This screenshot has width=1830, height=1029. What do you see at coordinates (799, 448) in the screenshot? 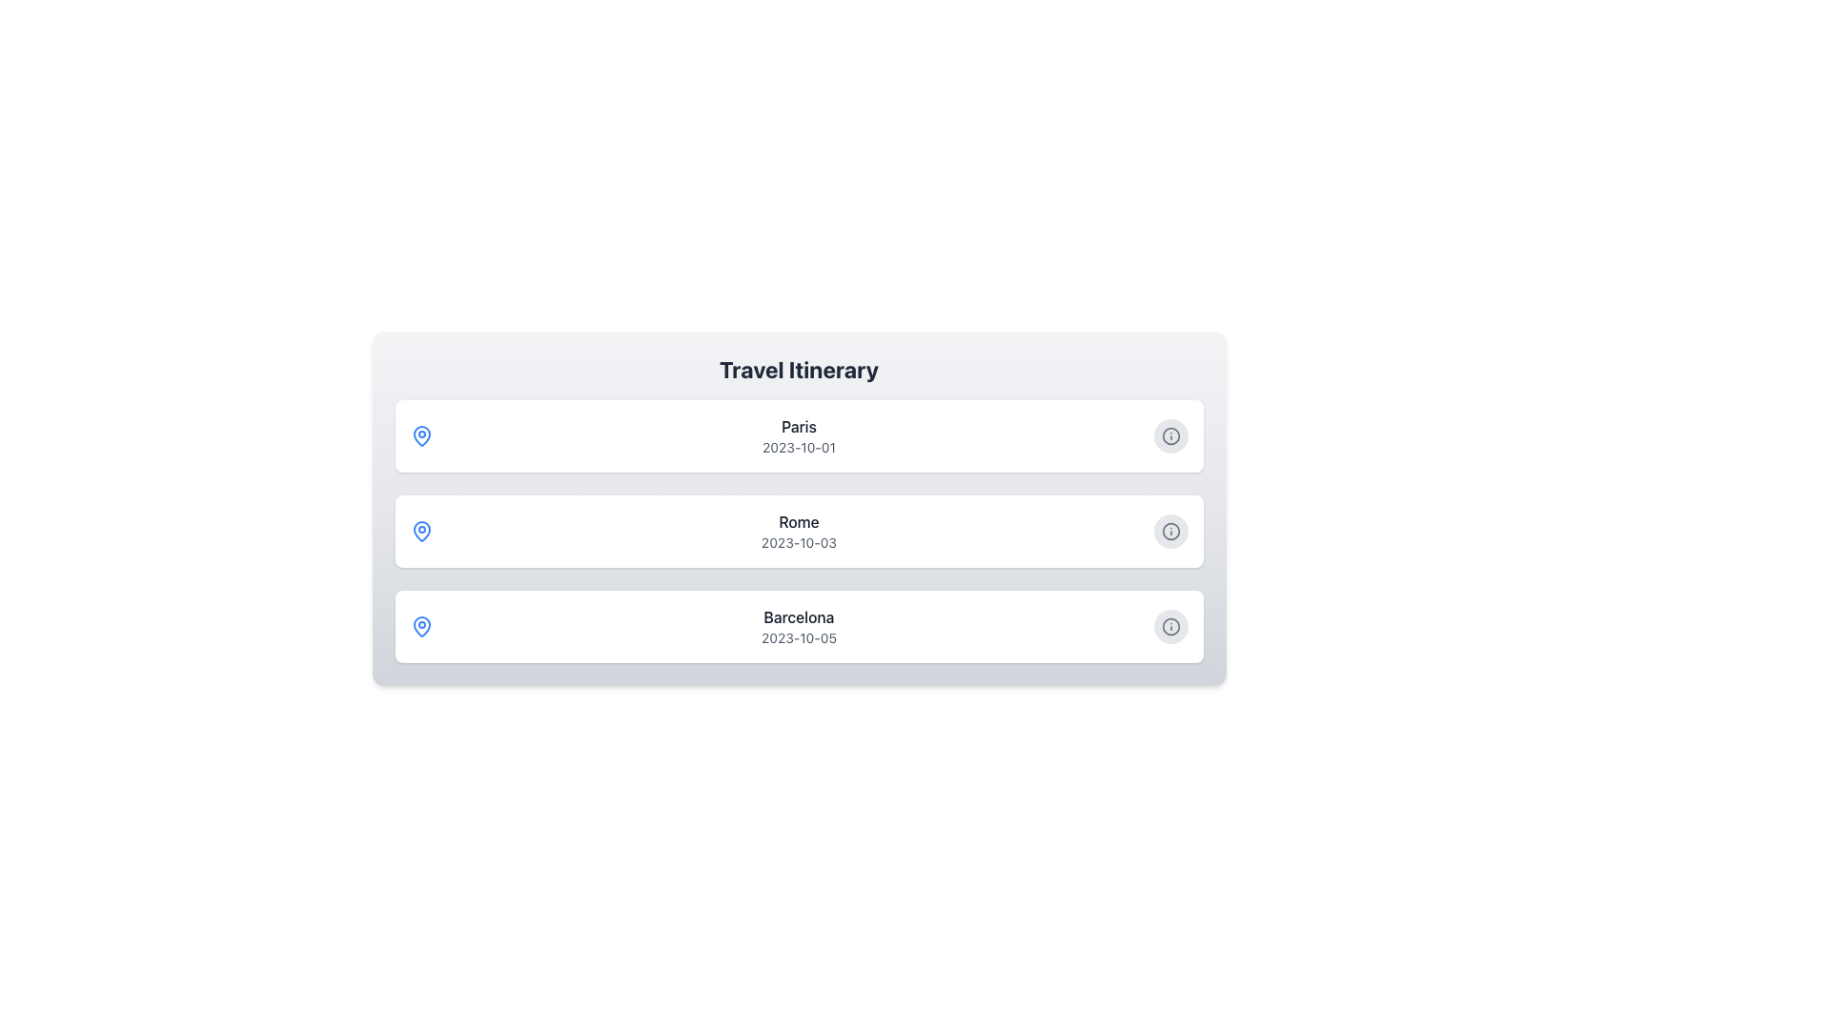
I see `the Text Label that displays the date associated with 'Paris' in the itinerary, which is positioned directly below the 'Paris' label` at bounding box center [799, 448].